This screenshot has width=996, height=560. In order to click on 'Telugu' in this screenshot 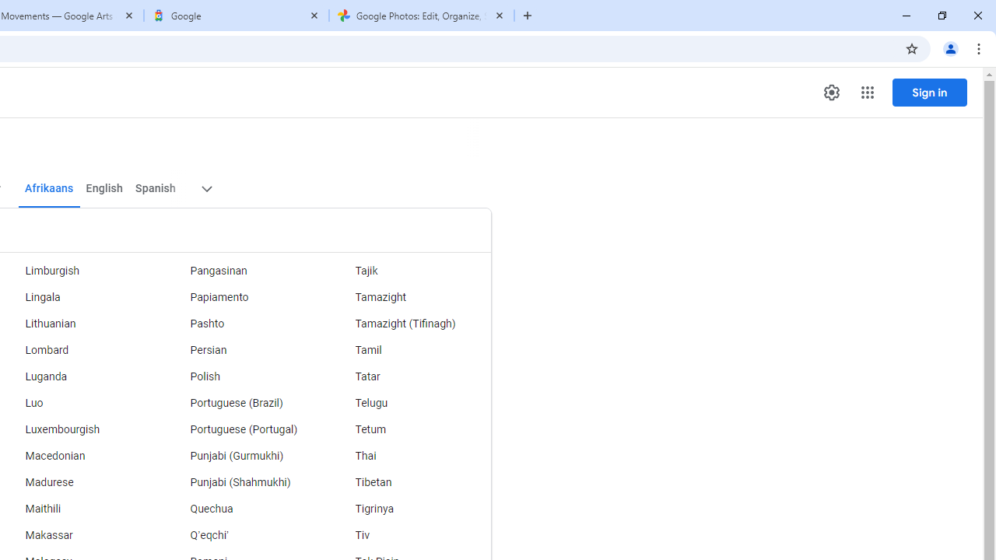, I will do `click(409, 403)`.